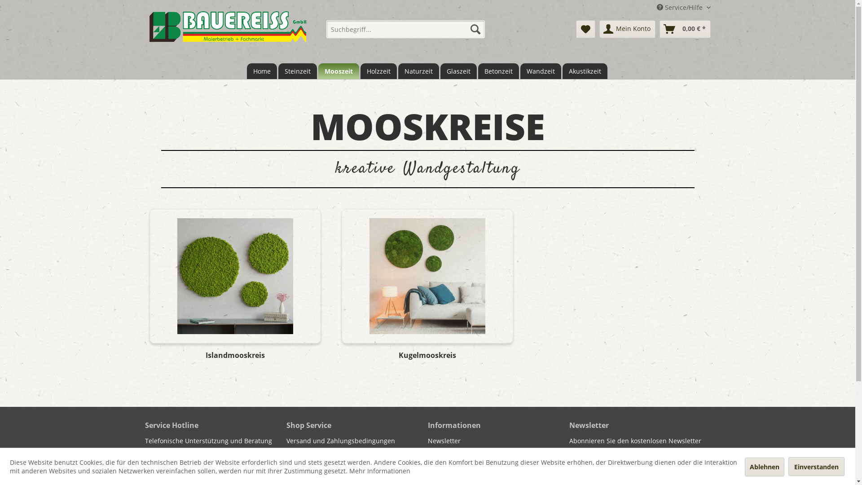 The height and width of the screenshot is (485, 862). Describe the element at coordinates (172, 462) in the screenshot. I see `'+49(0)9861/5645'` at that location.